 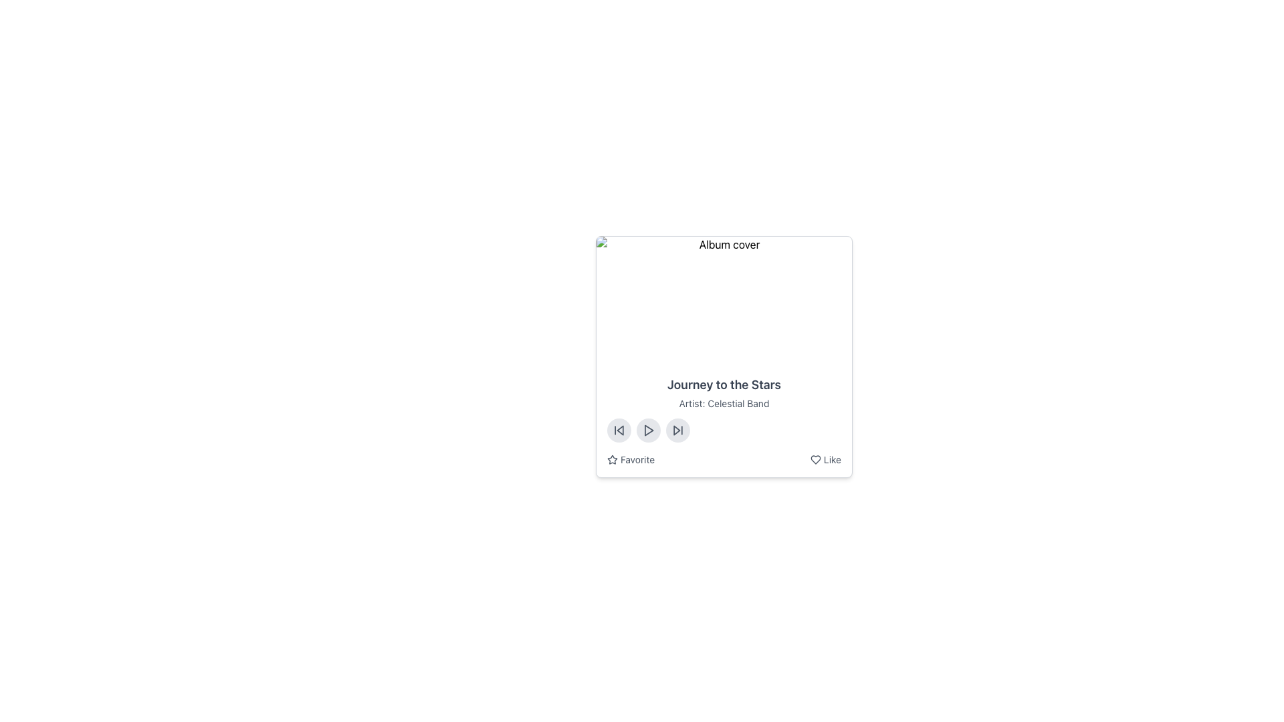 What do you see at coordinates (825, 459) in the screenshot?
I see `the 'Like' button` at bounding box center [825, 459].